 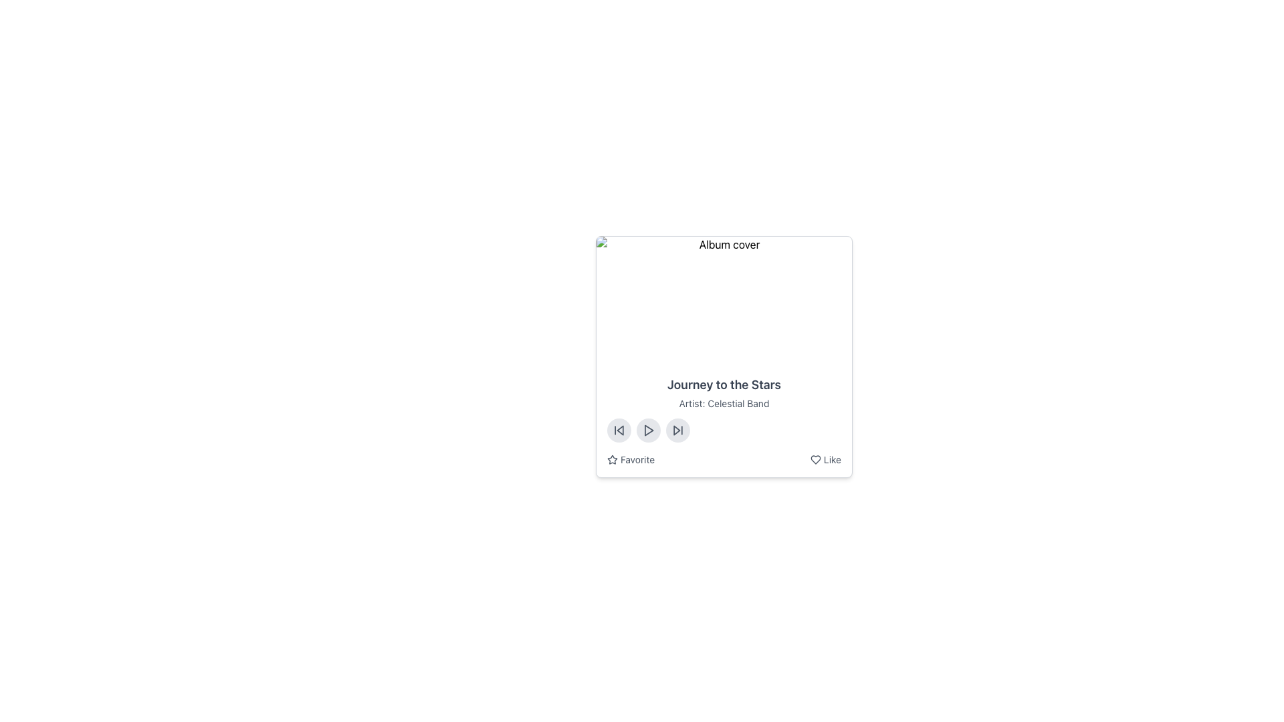 What do you see at coordinates (825, 459) in the screenshot?
I see `the 'Like' button` at bounding box center [825, 459].